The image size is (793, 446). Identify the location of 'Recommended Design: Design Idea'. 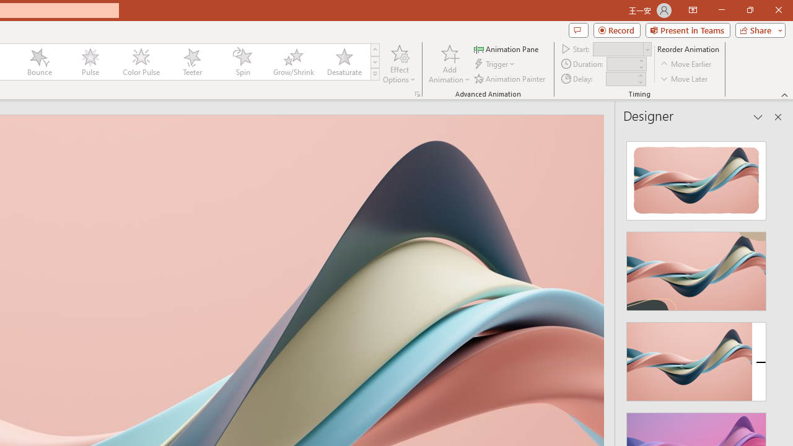
(696, 177).